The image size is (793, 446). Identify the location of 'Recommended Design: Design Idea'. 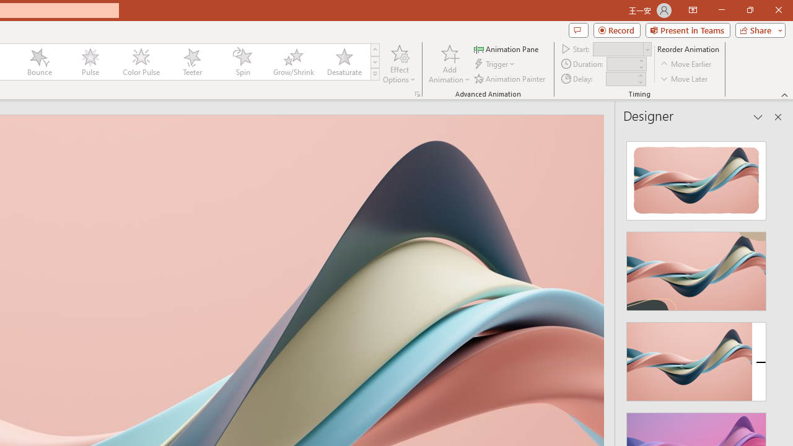
(696, 177).